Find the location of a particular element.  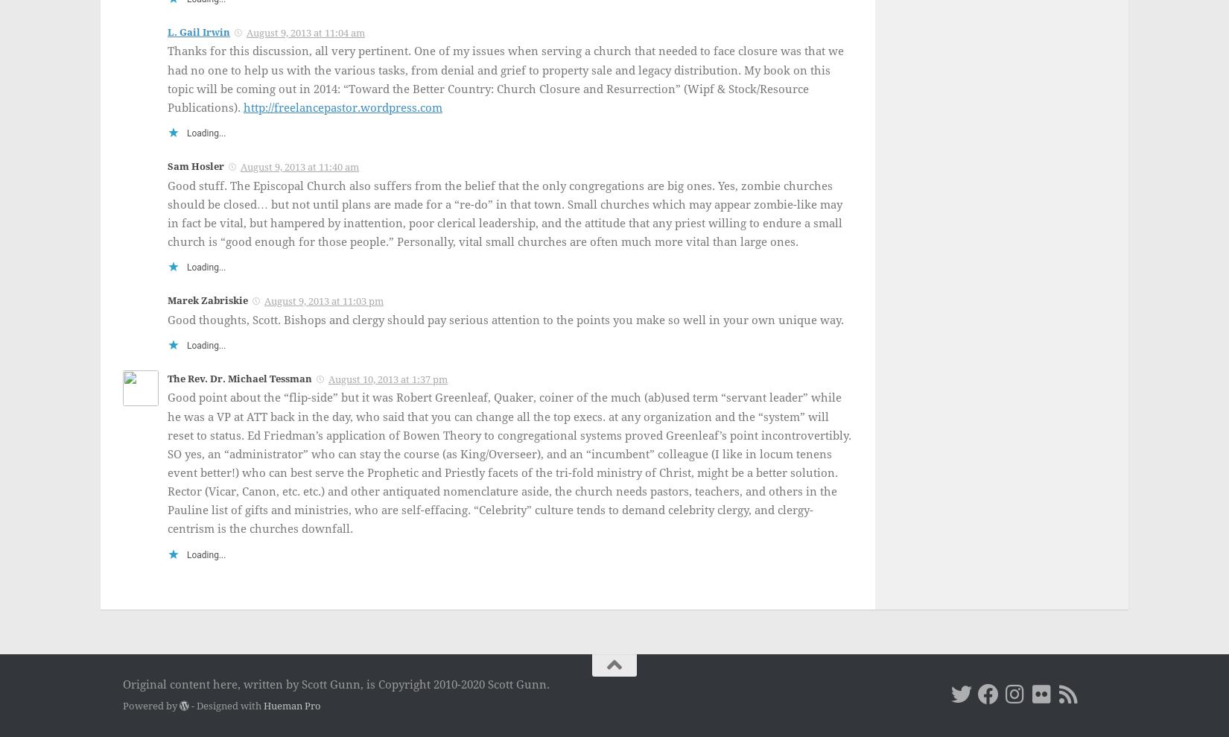

'Thanks for this discussion, all very pertinent.  One of my issues when serving a church that needed to face closure was that we had no one to help us with the various tasks, from denial and grief to property sale and legacy distribution.  My book on this topic will be coming out in 2014: “Toward the Better Country: Church Closure and Resurrection” (Wipf & Stock/Resource Publications).' is located at coordinates (504, 79).